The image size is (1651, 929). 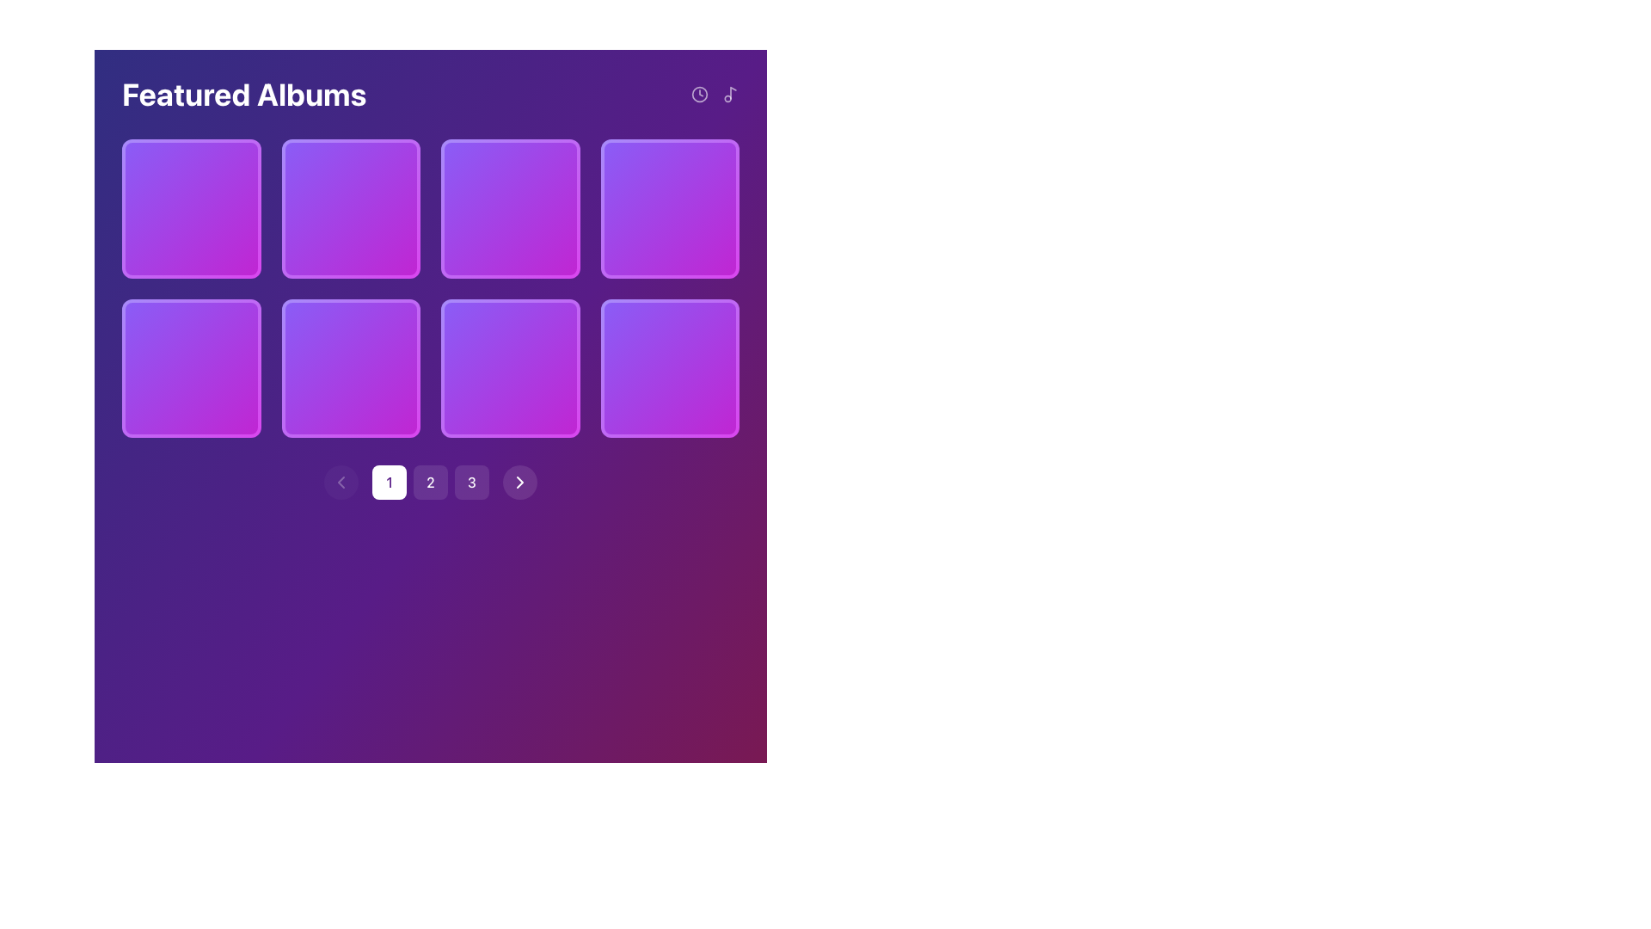 I want to click on the clickable interactive card or tile with a violet to fuchsia gradient background located in the second row and third column of a 3x4 grid, so click(x=669, y=367).